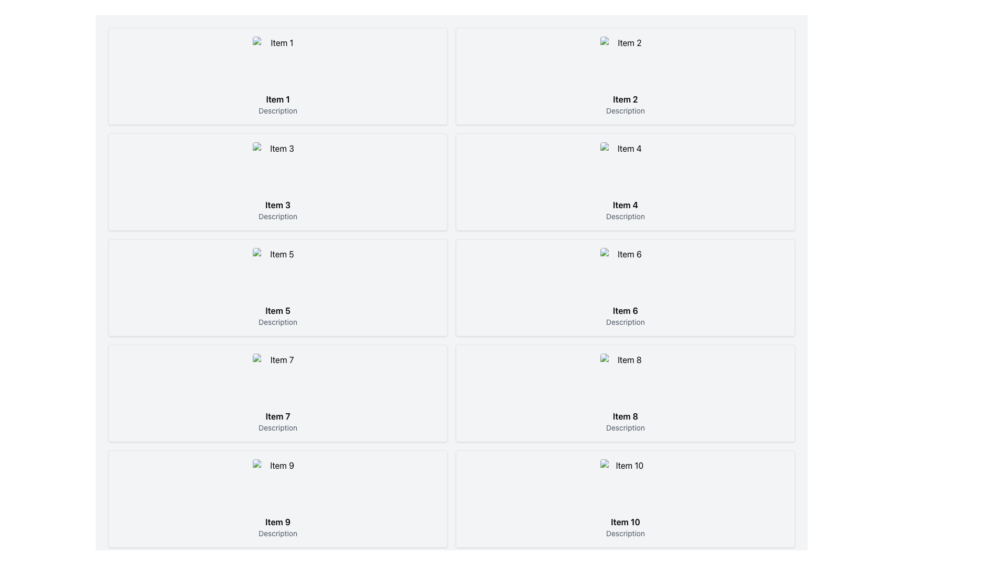 The height and width of the screenshot is (565, 1005). Describe the element at coordinates (278, 205) in the screenshot. I see `the text label located centrally within the third card of a grid layout` at that location.